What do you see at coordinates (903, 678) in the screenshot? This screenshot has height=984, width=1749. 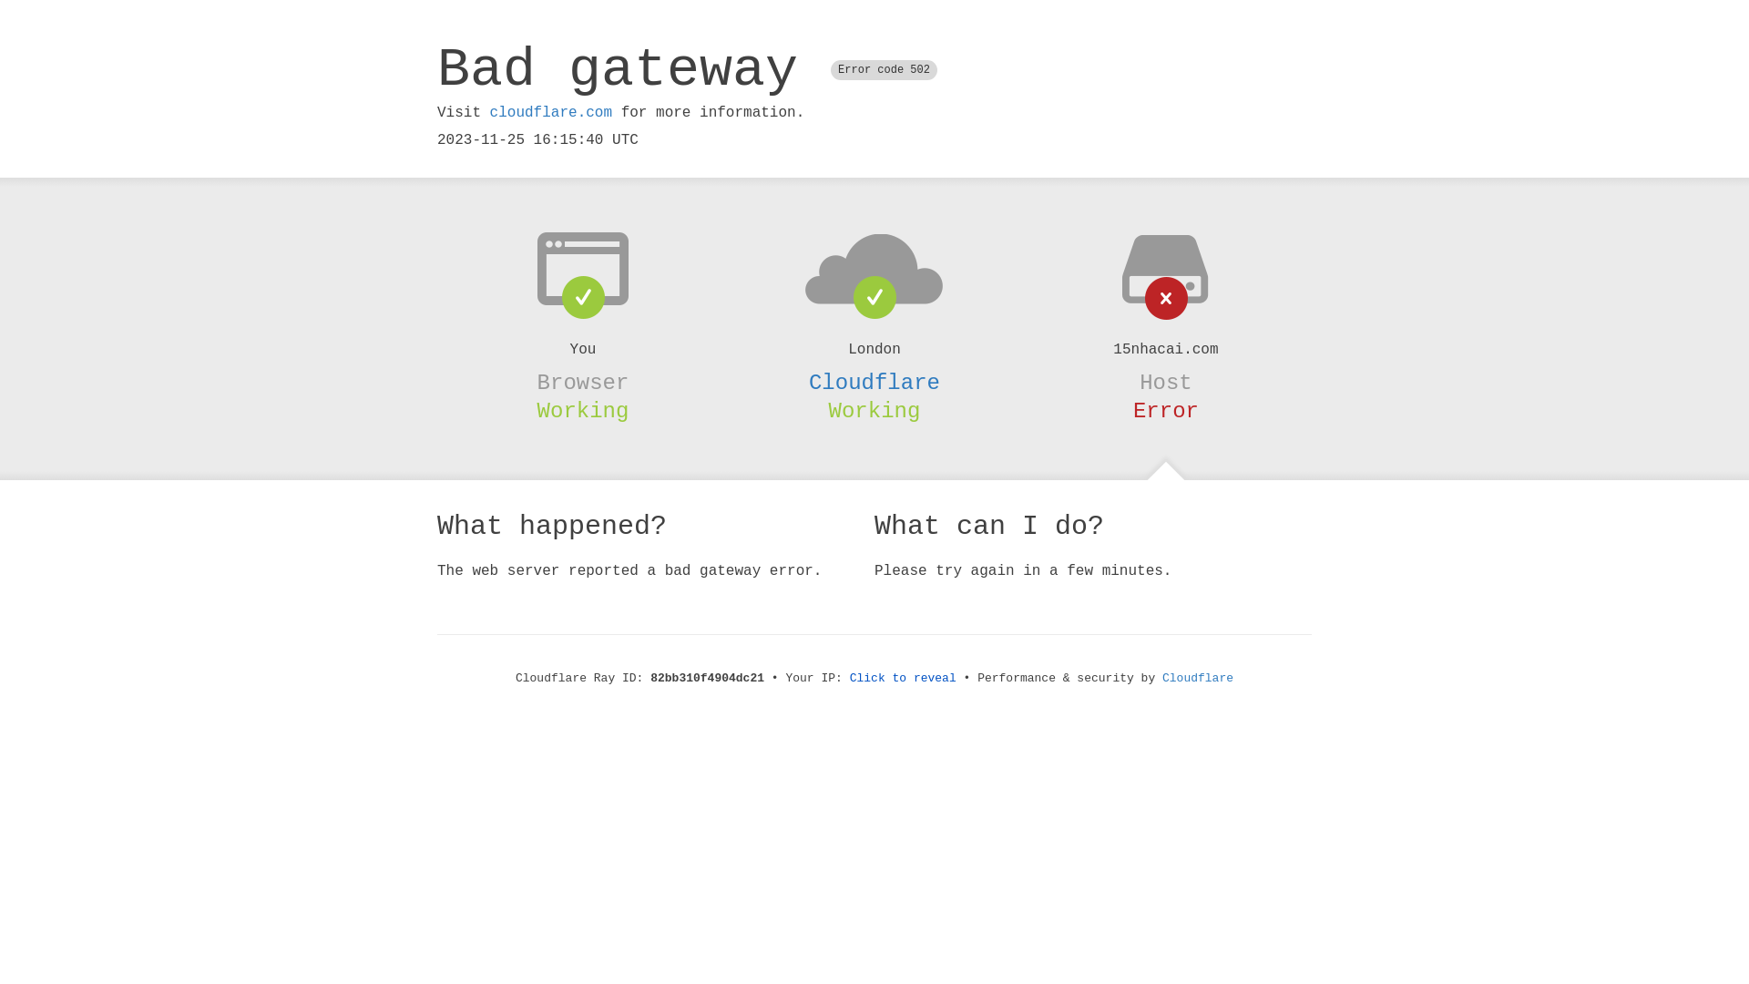 I see `'Click to reveal'` at bounding box center [903, 678].